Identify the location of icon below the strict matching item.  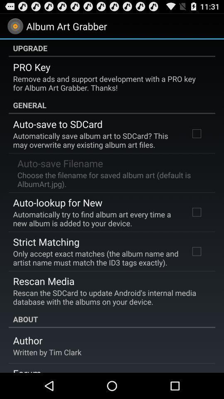
(95, 257).